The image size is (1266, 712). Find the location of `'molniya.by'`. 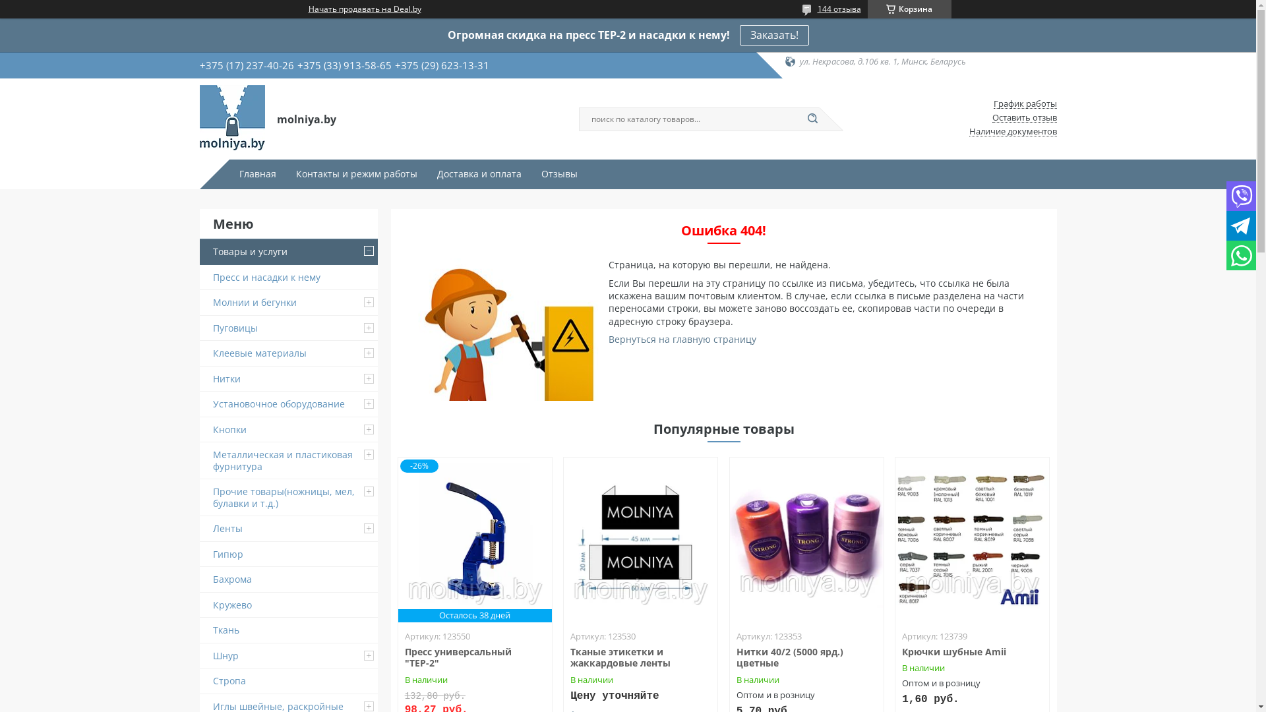

'molniya.by' is located at coordinates (231, 117).